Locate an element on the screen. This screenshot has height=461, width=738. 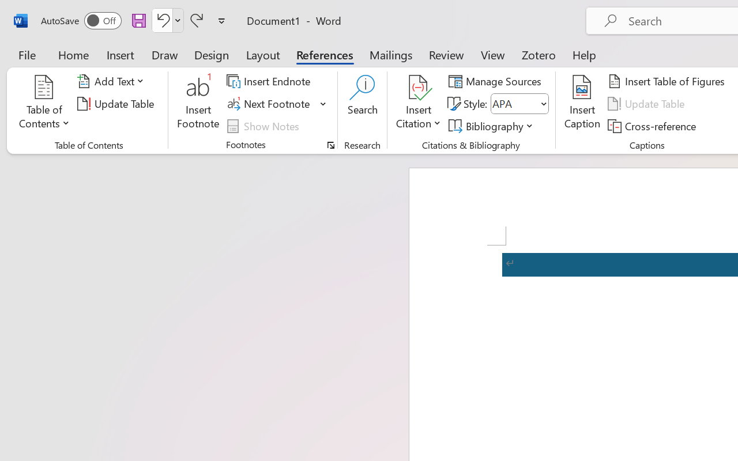
'Add Text' is located at coordinates (112, 81).